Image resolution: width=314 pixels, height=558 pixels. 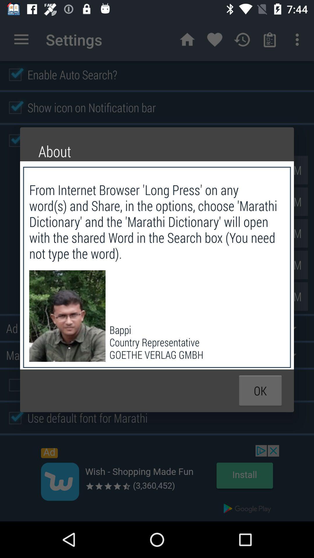 What do you see at coordinates (260, 391) in the screenshot?
I see `the icon below the bappi country representative` at bounding box center [260, 391].